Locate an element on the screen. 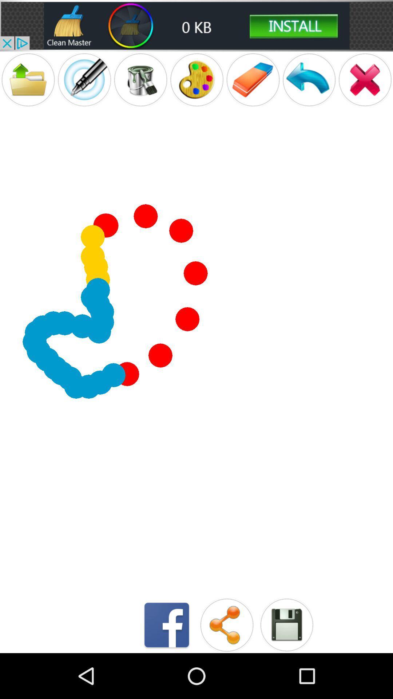 This screenshot has width=393, height=699. previous is located at coordinates (309, 80).